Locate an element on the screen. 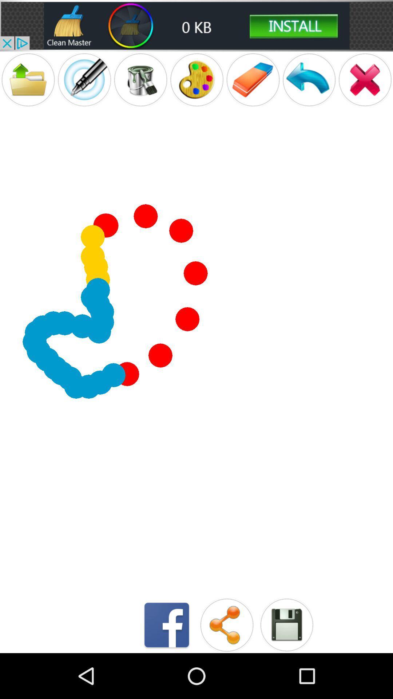 This screenshot has width=393, height=699. previous is located at coordinates (309, 80).